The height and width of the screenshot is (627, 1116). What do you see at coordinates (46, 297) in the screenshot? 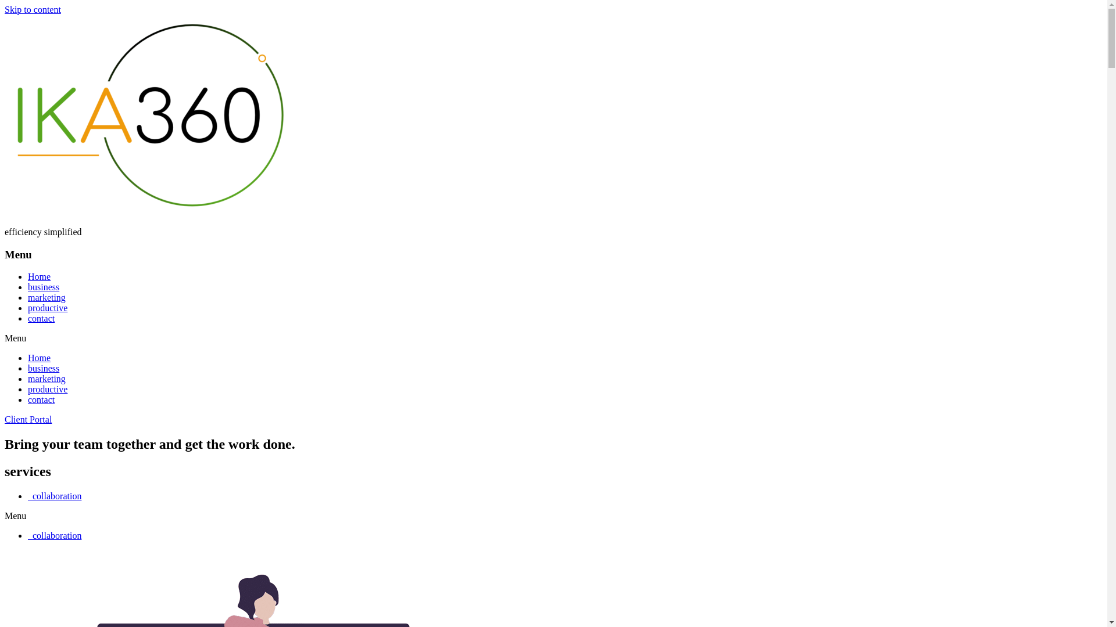
I see `'marketing'` at bounding box center [46, 297].